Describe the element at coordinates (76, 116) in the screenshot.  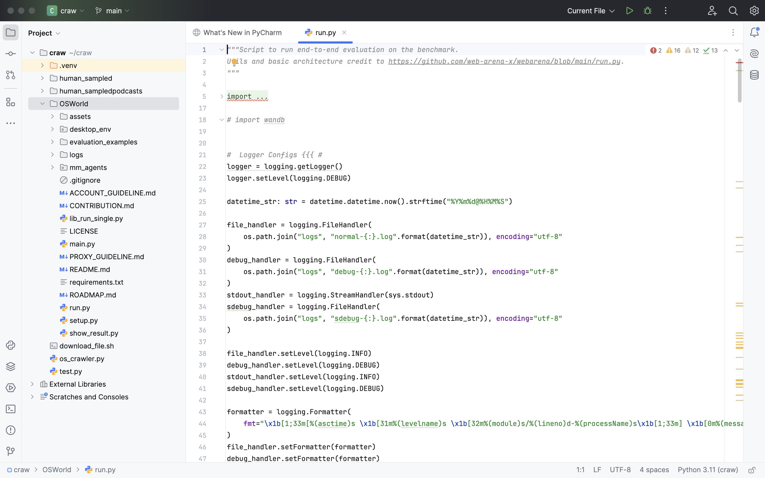
I see `'assets'` at that location.